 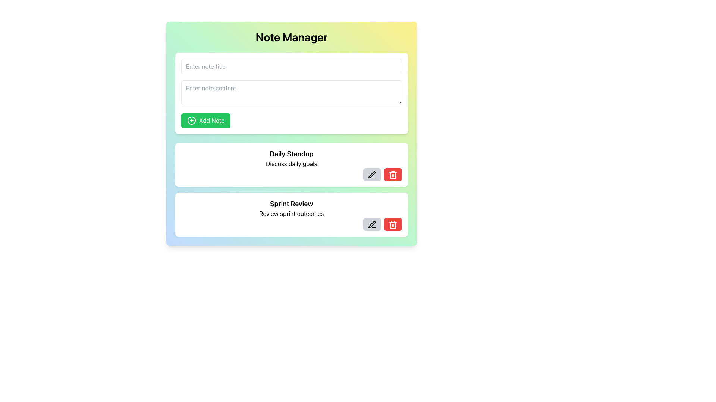 What do you see at coordinates (372, 175) in the screenshot?
I see `the pencil icon button to initiate editing in the second note titled 'Sprint Review', located to the left of the red delete button` at bounding box center [372, 175].